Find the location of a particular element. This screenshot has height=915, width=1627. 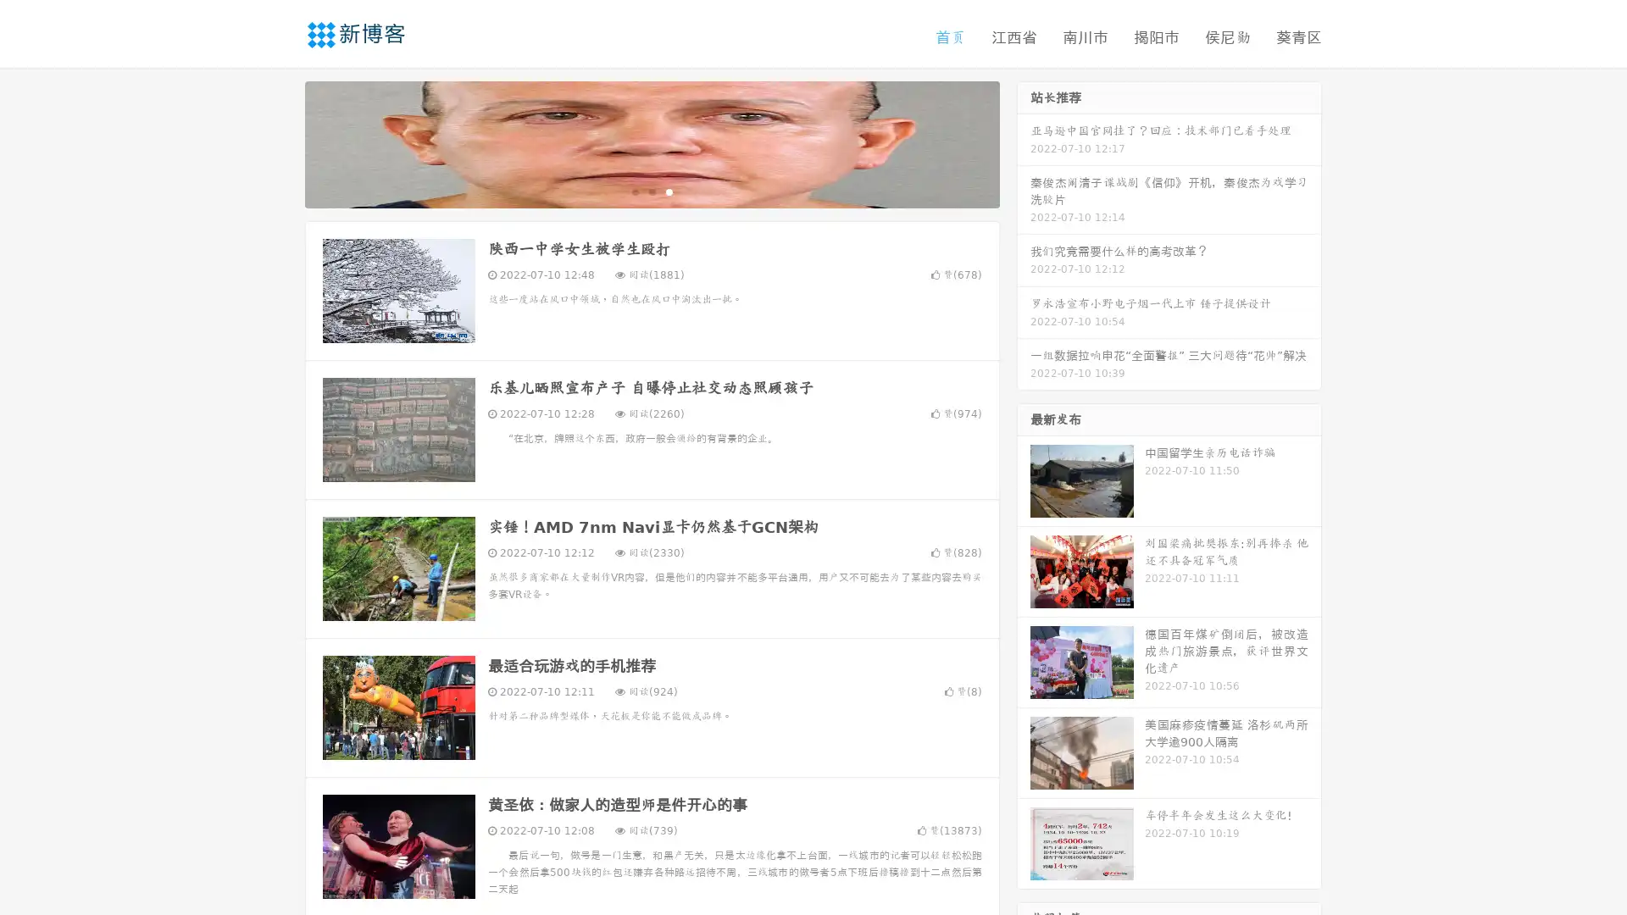

Next slide is located at coordinates (1024, 142).